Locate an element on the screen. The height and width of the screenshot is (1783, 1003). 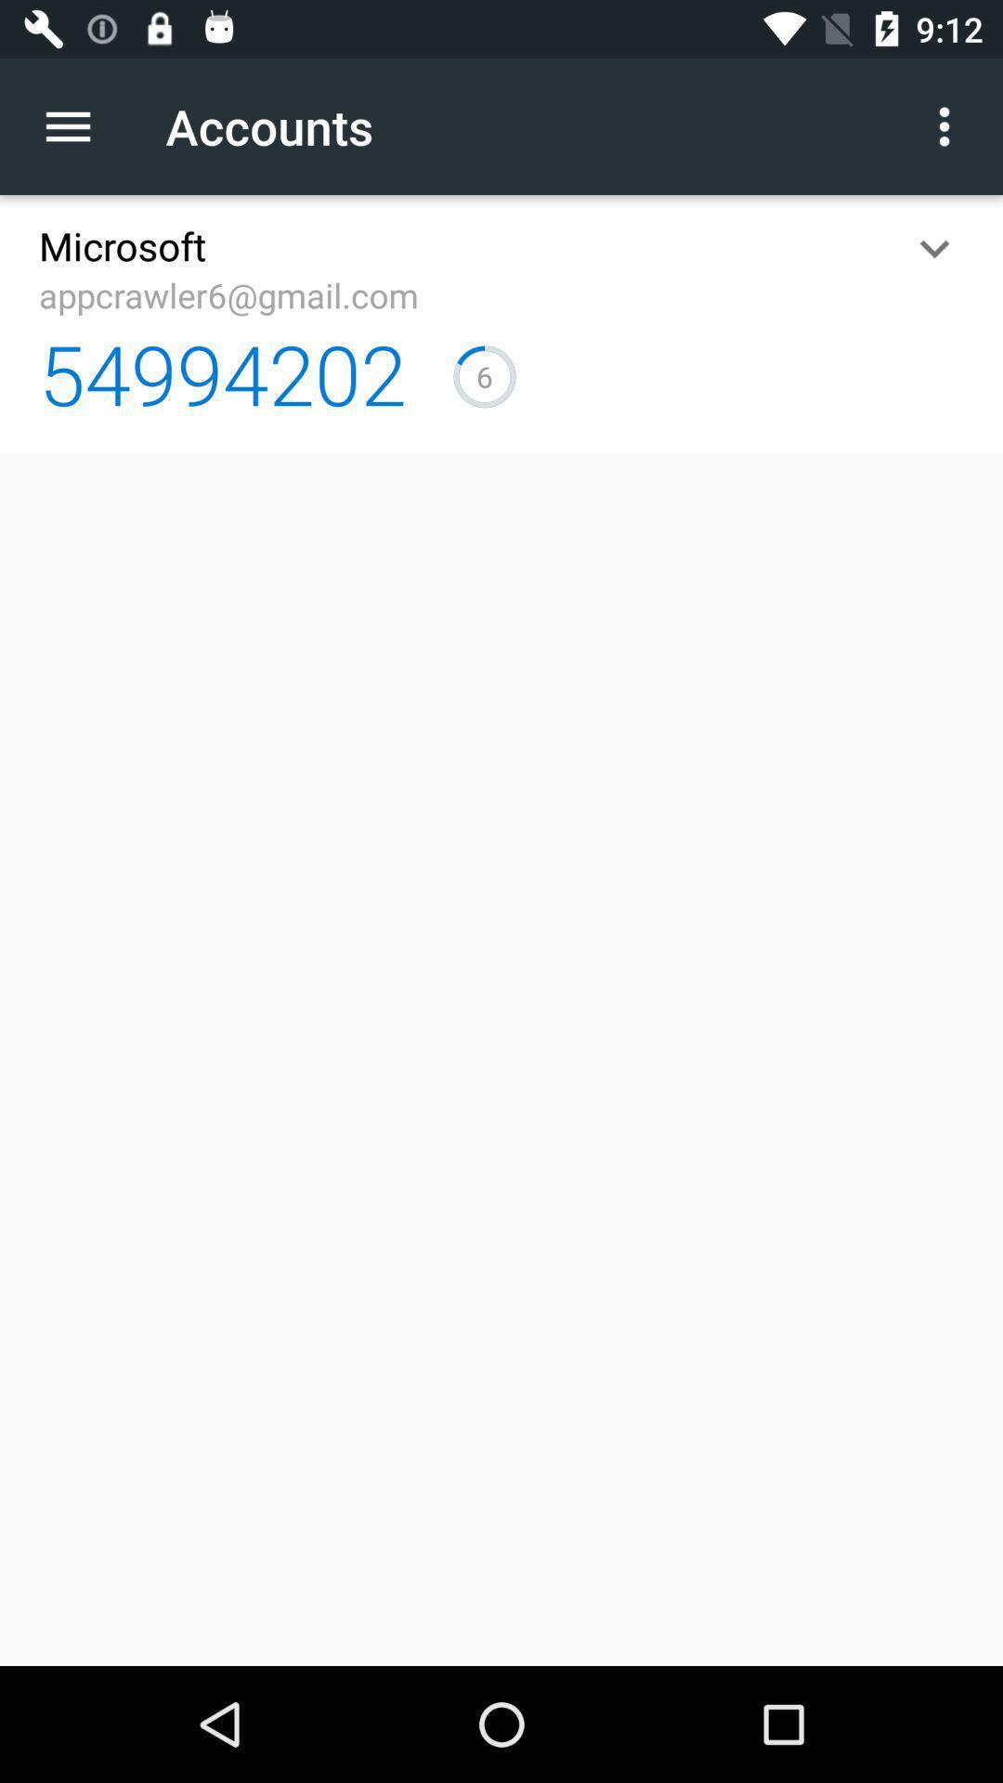
item below microsoft icon is located at coordinates (228, 293).